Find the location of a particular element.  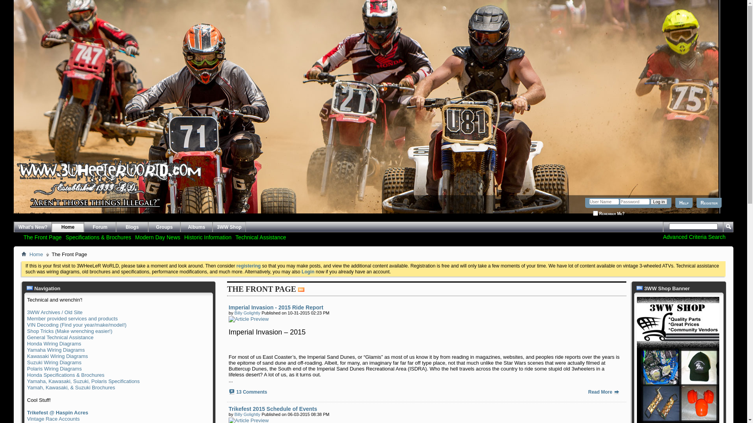

'Member provided services and products' is located at coordinates (72, 318).